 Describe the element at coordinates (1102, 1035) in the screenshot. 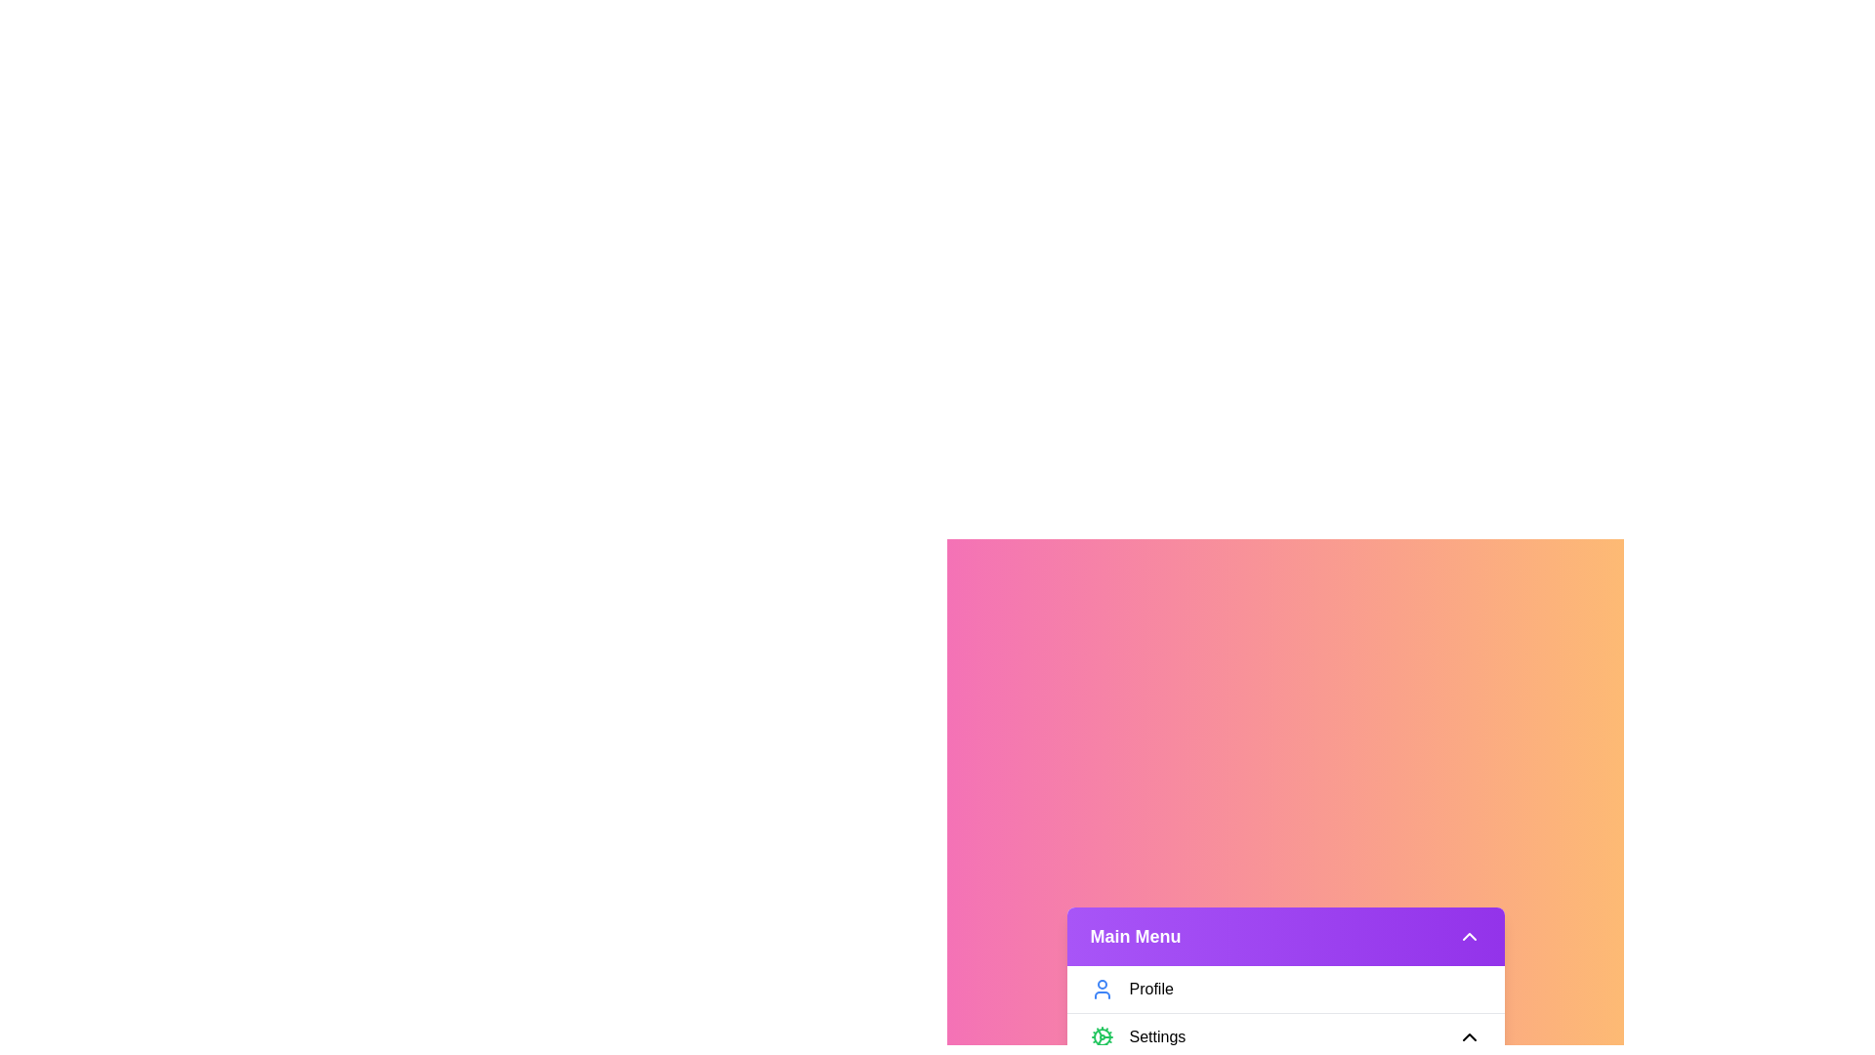

I see `the settings icon located to the left of the 'Settings' text label in the main menu dropdown` at that location.